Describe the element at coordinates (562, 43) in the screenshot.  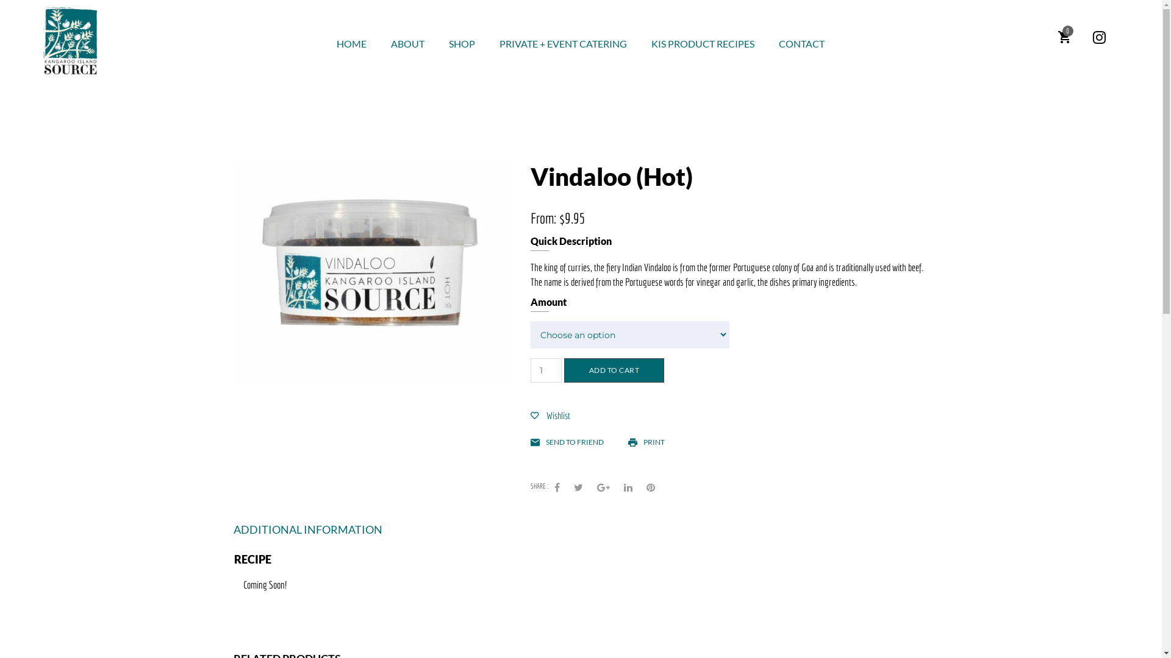
I see `'PRIVATE + EVENT CATERING'` at that location.